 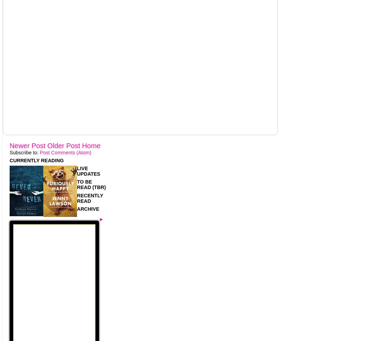 I want to click on 'CURRENTLY READING', so click(x=36, y=161).